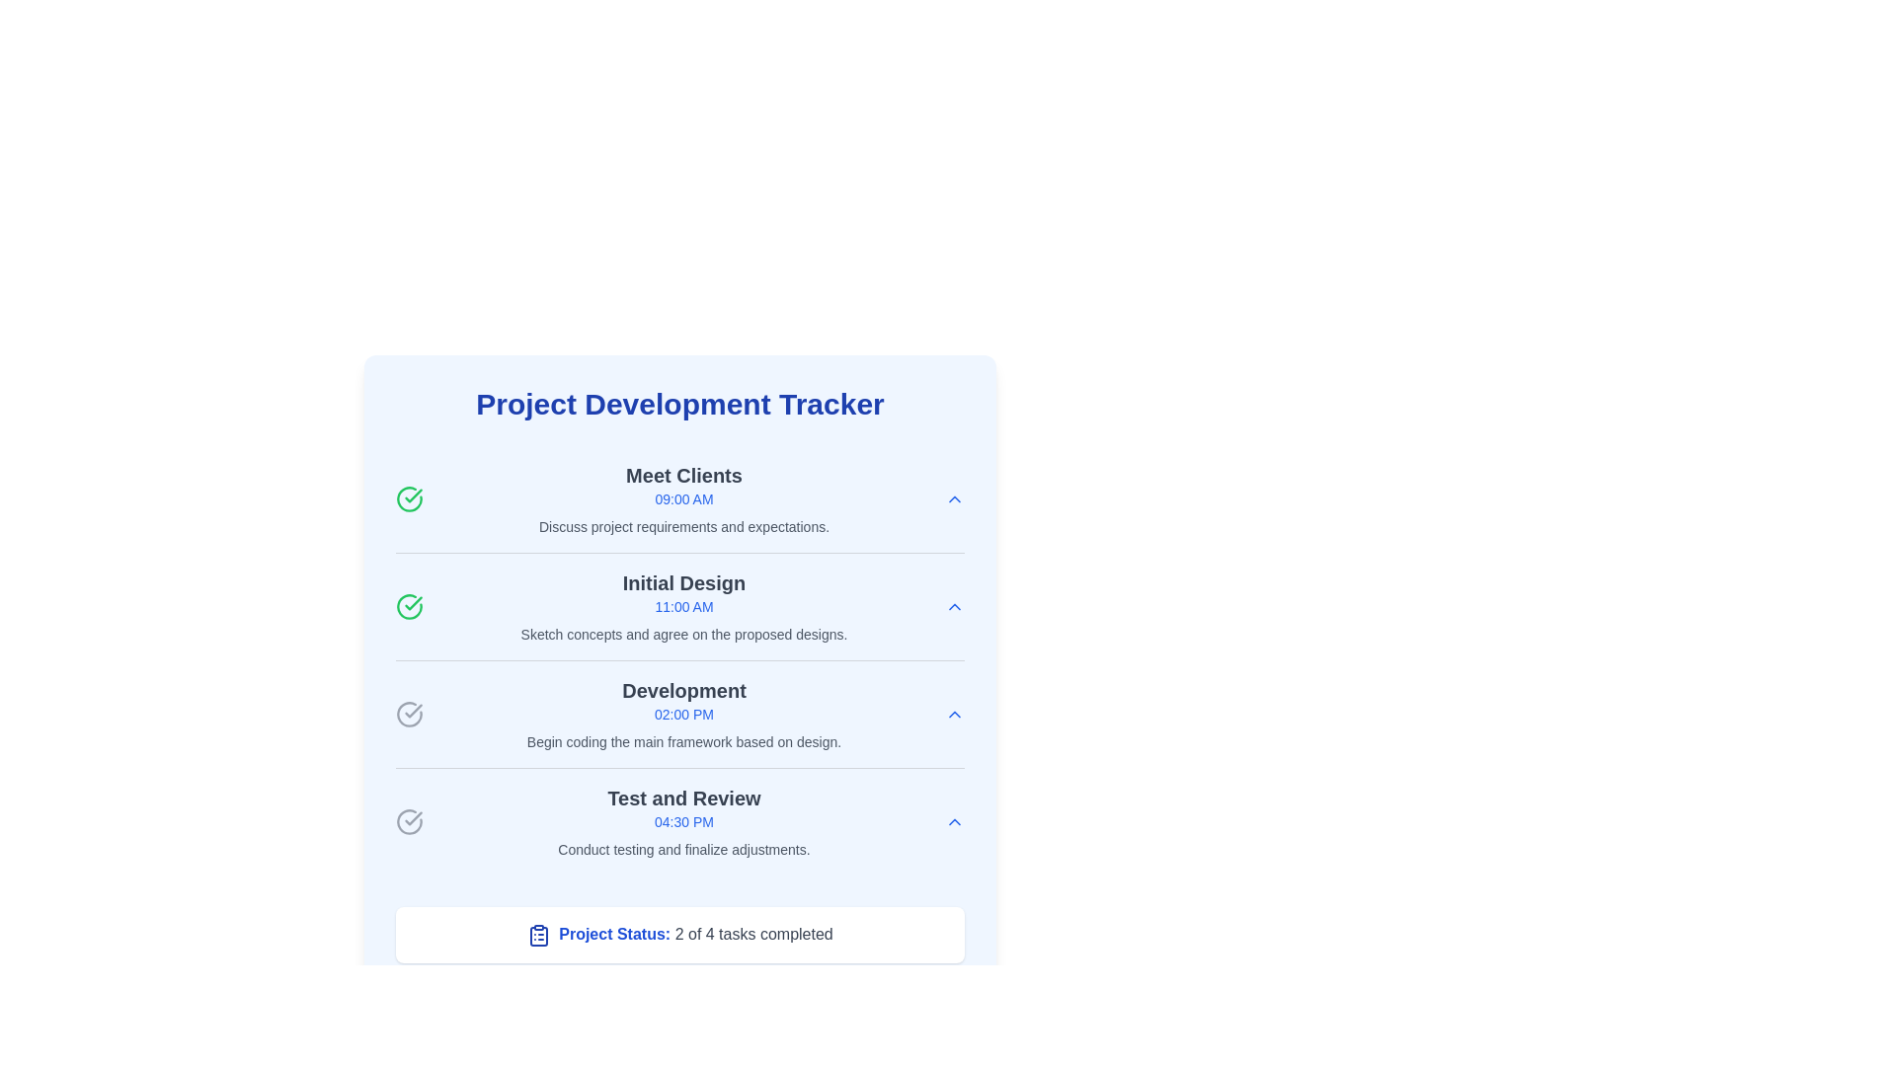 Image resolution: width=1896 pixels, height=1066 pixels. Describe the element at coordinates (683, 822) in the screenshot. I see `the task item located in the fourth position of the vertical task list within the 'Project Development Tracker' section, which includes the task name, scheduled time, and description` at that location.